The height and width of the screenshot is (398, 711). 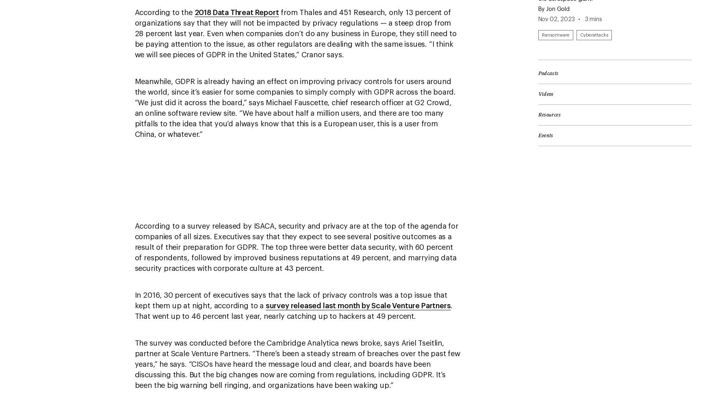 I want to click on 'Newsletters', so click(x=35, y=35).